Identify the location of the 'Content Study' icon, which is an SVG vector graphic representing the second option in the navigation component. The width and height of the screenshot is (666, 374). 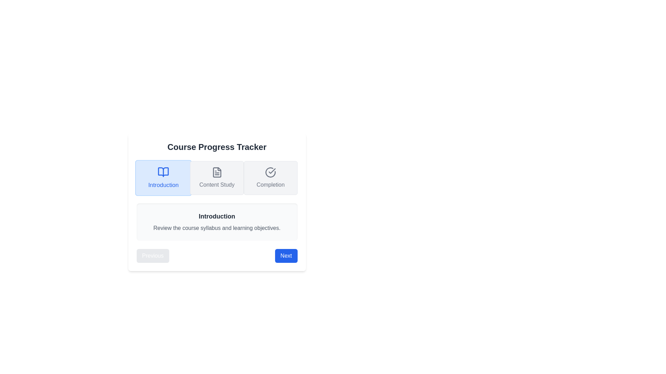
(216, 172).